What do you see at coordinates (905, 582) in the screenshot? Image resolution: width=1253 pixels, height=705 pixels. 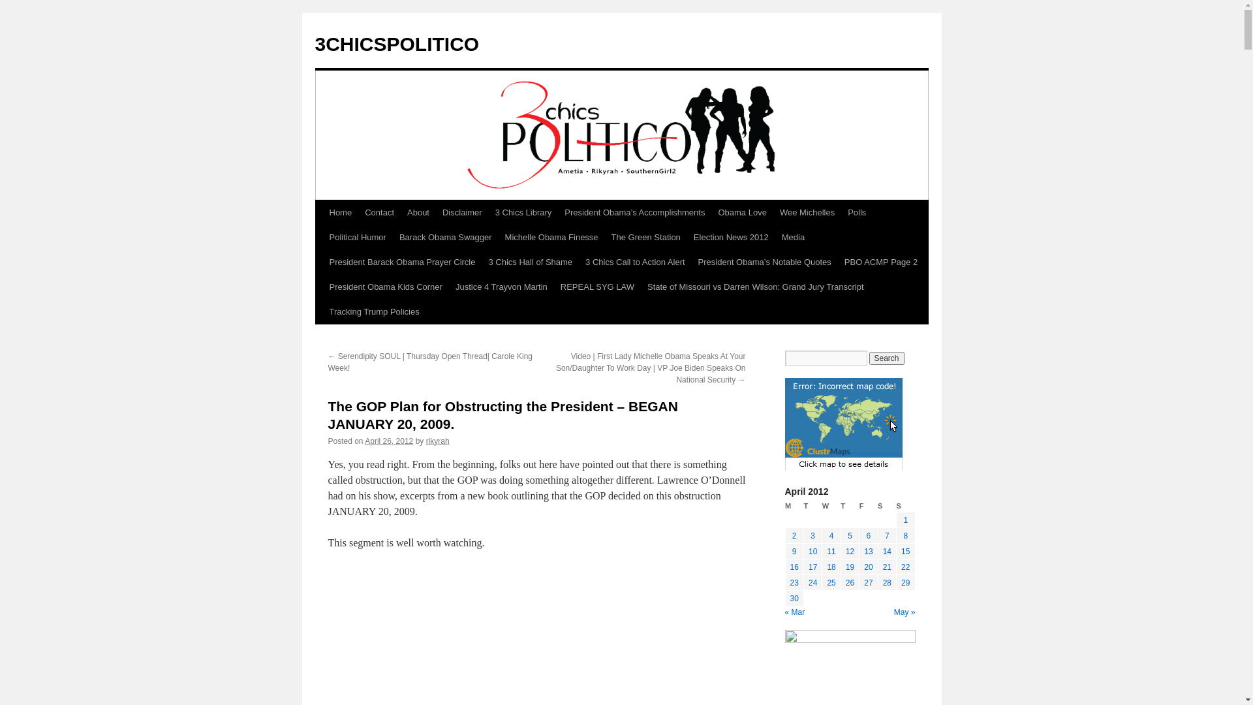 I see `'29'` at bounding box center [905, 582].